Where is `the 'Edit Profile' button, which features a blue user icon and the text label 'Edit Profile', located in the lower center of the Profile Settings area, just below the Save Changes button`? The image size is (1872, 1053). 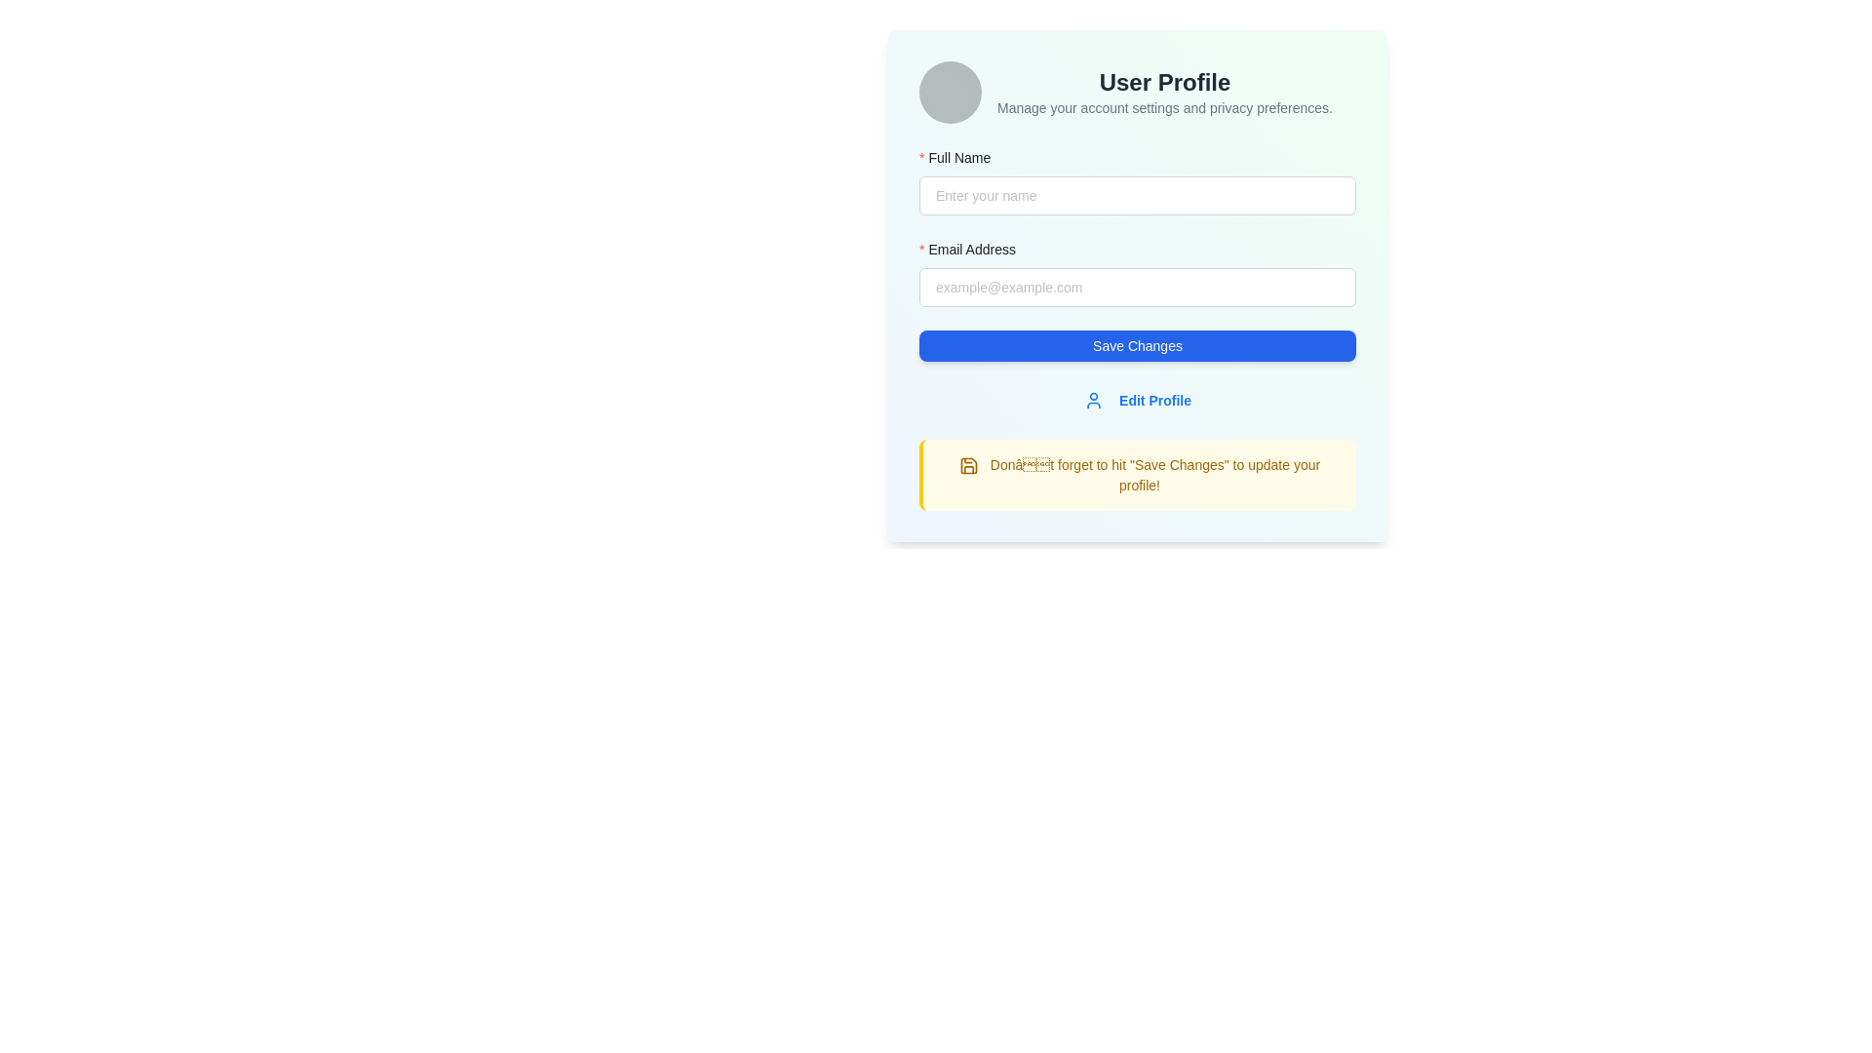
the 'Edit Profile' button, which features a blue user icon and the text label 'Edit Profile', located in the lower center of the Profile Settings area, just below the Save Changes button is located at coordinates (1137, 400).